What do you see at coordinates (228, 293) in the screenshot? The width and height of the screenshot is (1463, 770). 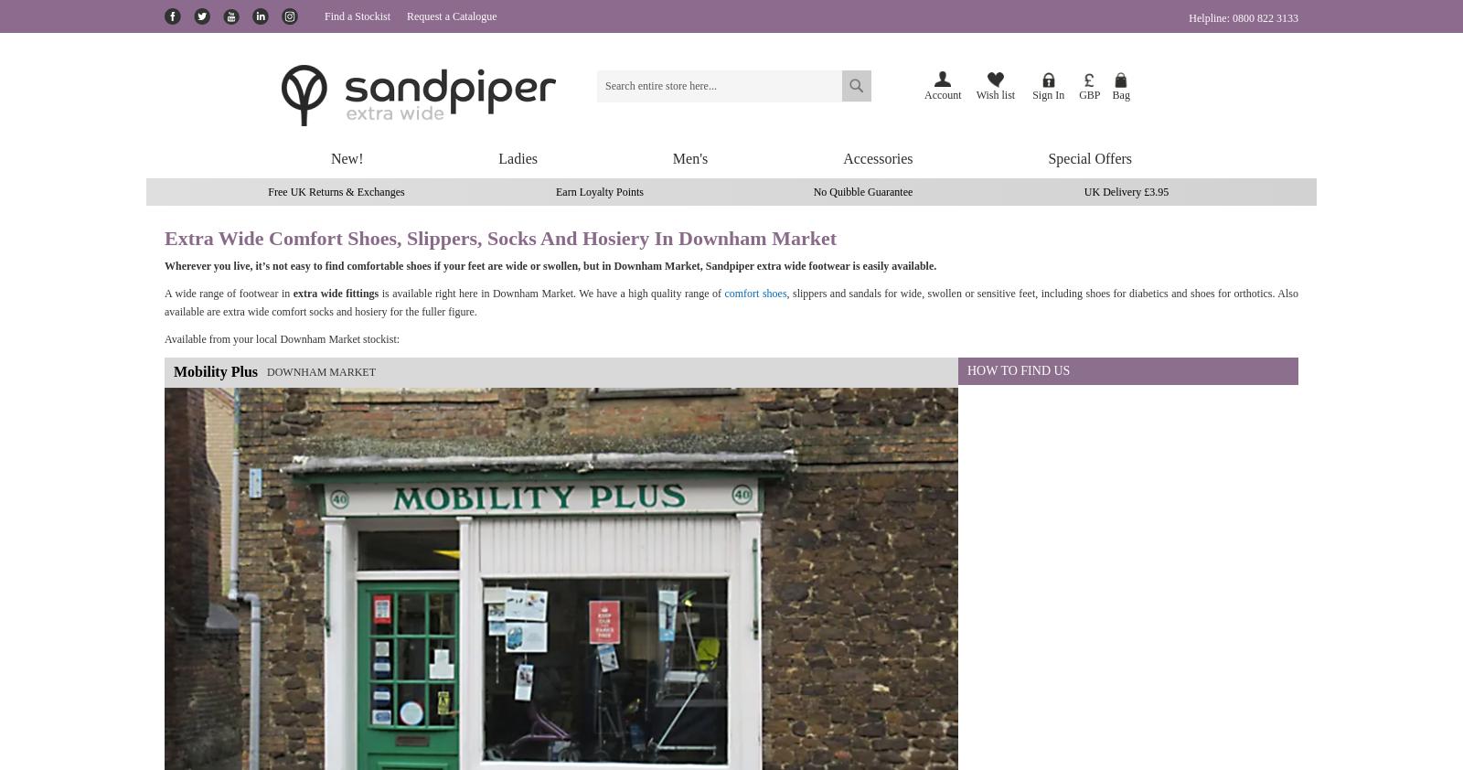 I see `'A wide range of footwear in'` at bounding box center [228, 293].